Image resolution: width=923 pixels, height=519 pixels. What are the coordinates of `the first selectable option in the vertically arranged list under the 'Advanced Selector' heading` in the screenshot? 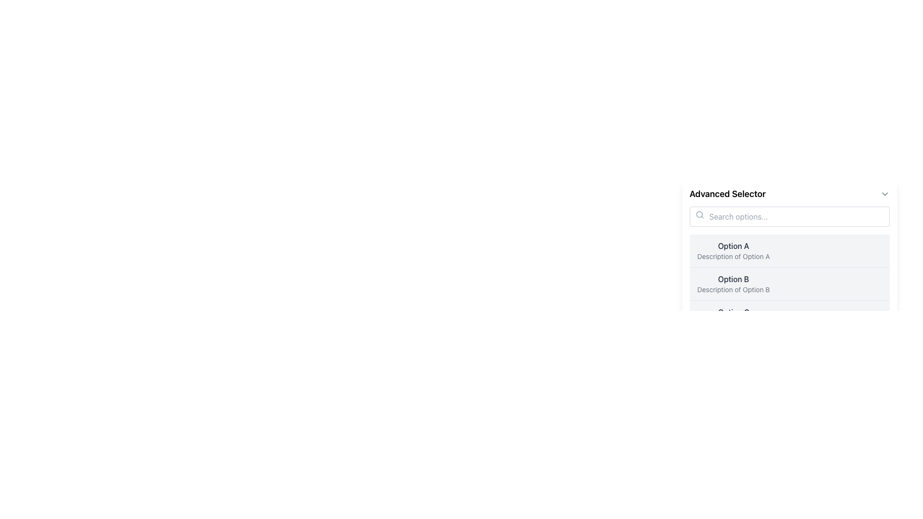 It's located at (733, 250).